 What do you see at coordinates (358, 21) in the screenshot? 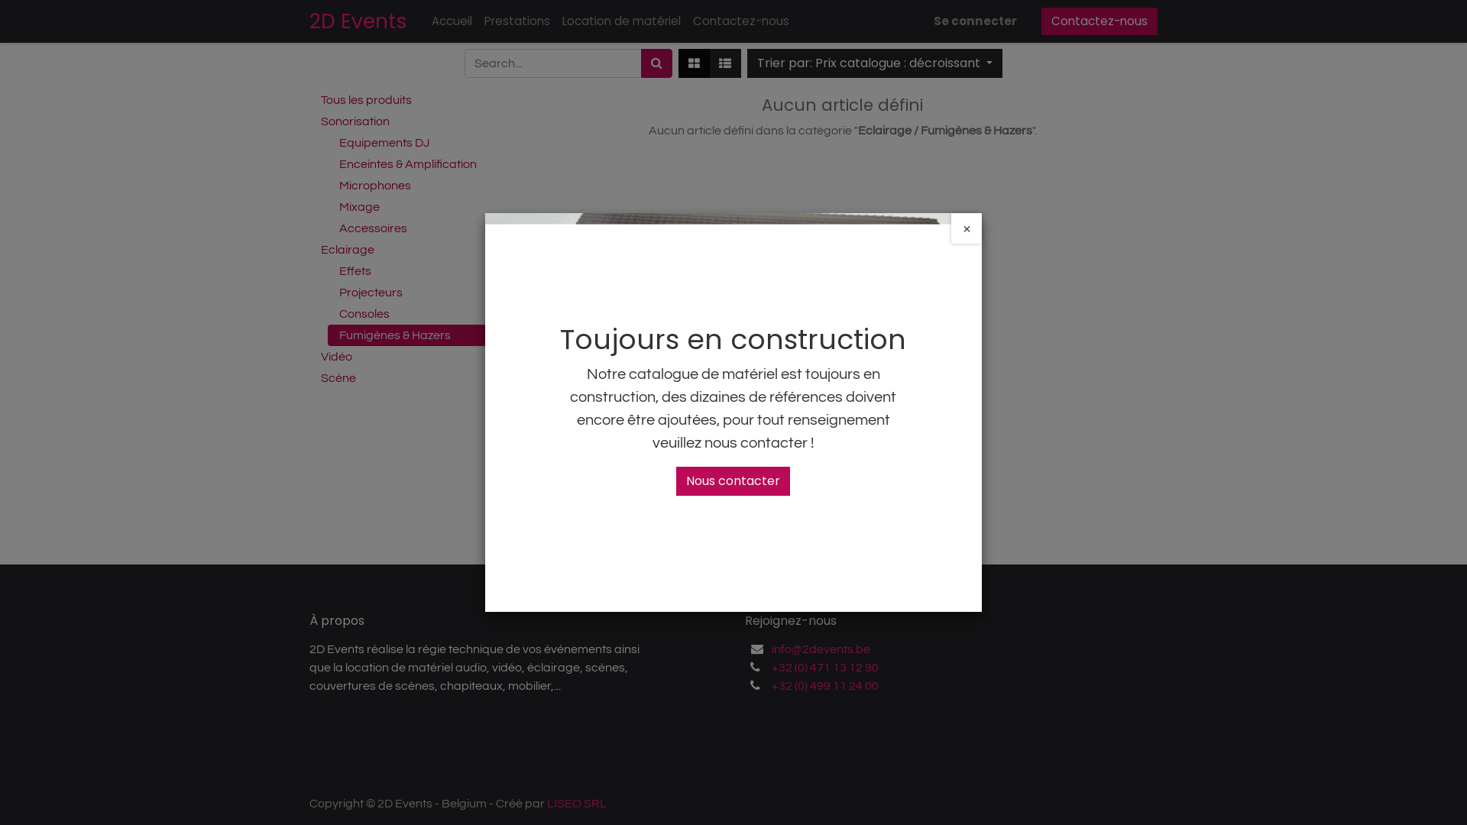
I see `'2D Events'` at bounding box center [358, 21].